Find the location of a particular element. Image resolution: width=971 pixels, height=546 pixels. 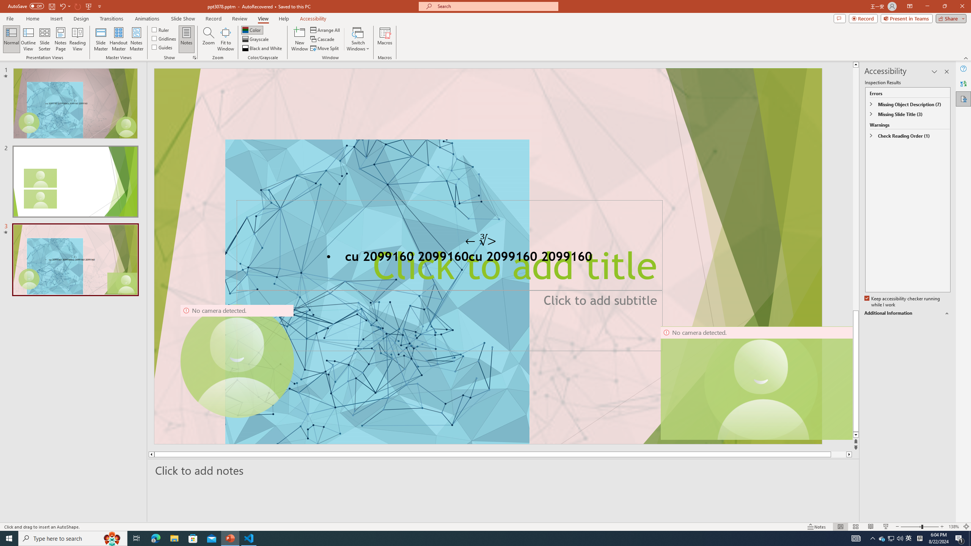

'Move Split' is located at coordinates (325, 48).